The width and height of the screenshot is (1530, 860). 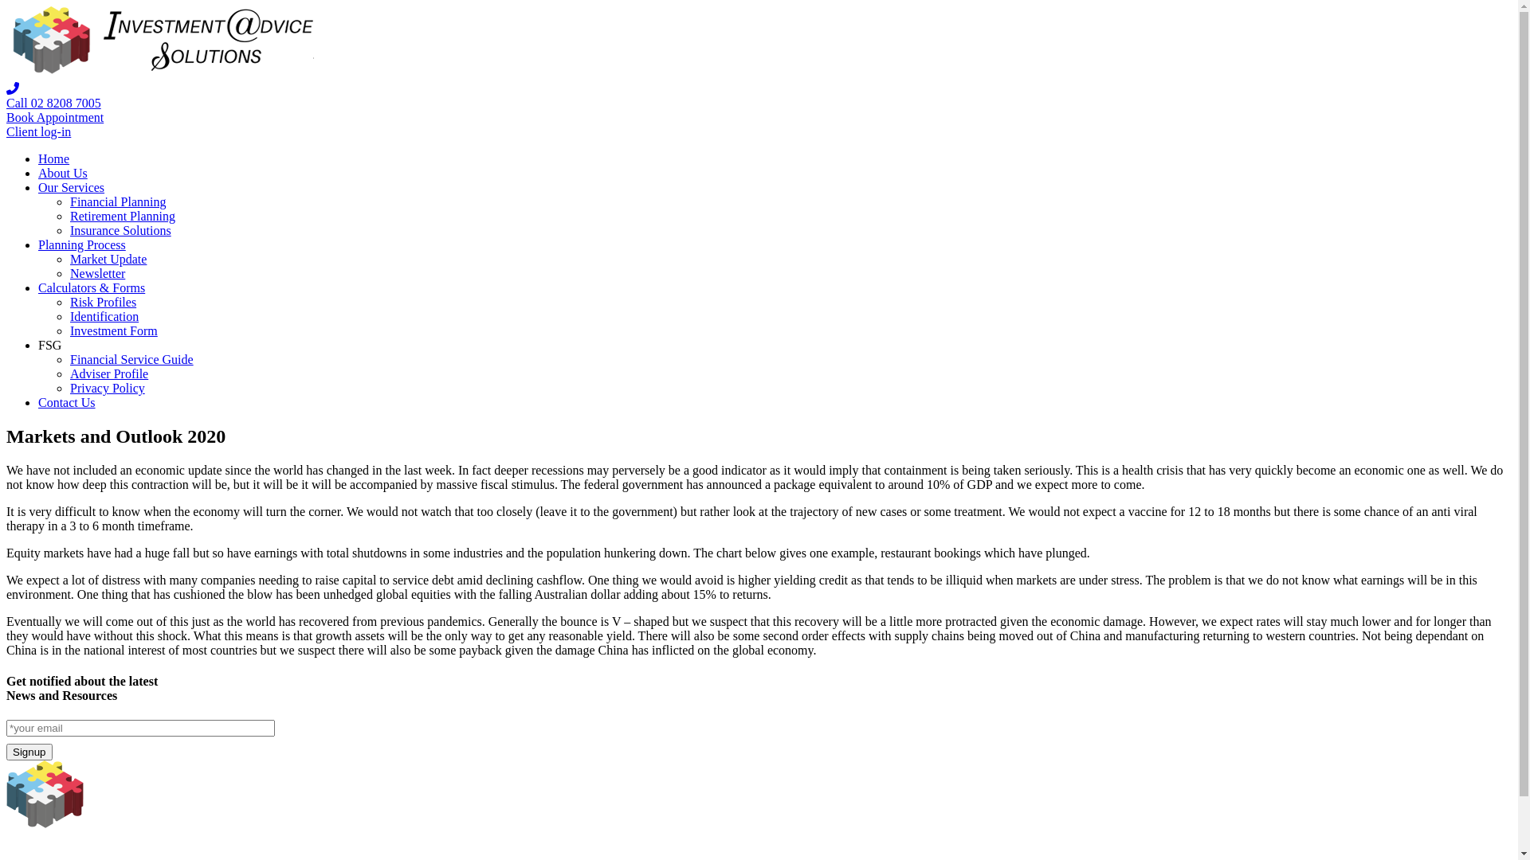 I want to click on 'Planning Process', so click(x=80, y=244).